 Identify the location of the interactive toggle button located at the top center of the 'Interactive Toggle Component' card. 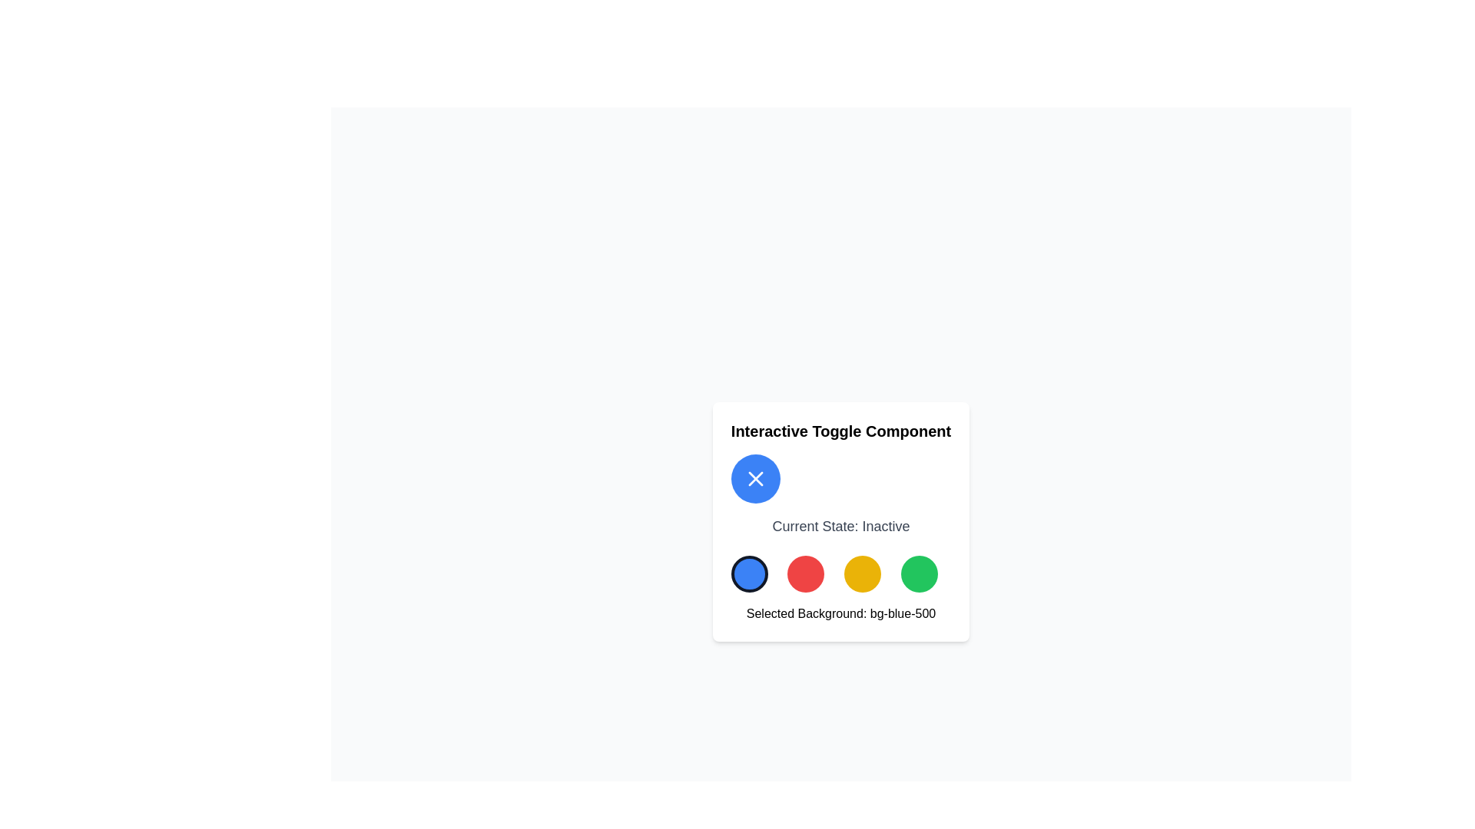
(755, 478).